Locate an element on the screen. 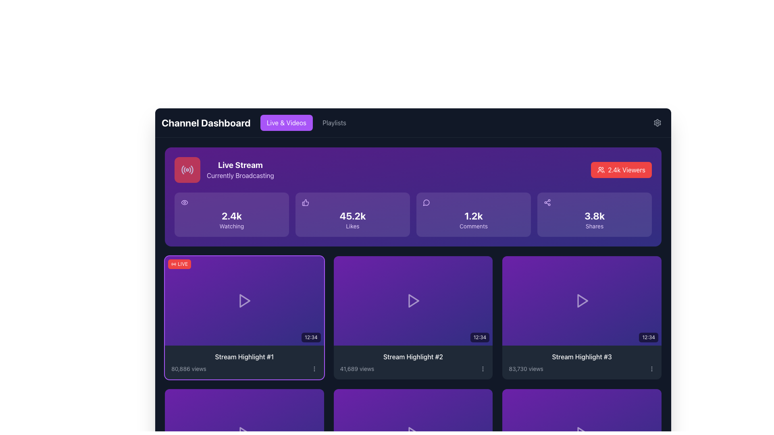 The width and height of the screenshot is (774, 435). the leftmost speech bubble icon in the purple cards area labeled '1.2k Comments' is located at coordinates (426, 202).